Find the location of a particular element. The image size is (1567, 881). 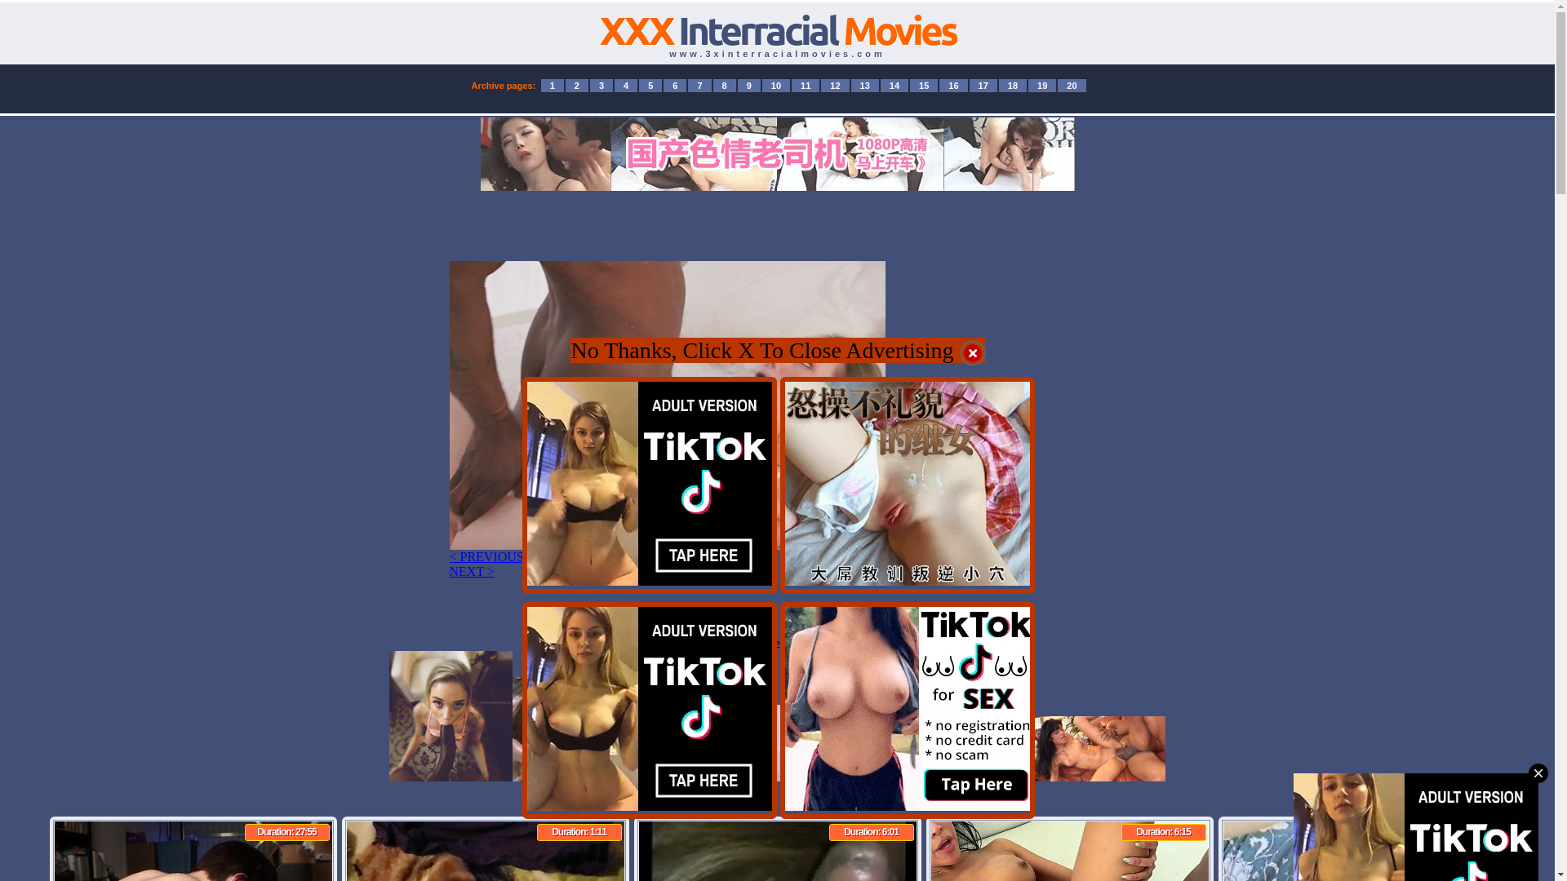

'No Thanks, Click X To Close Advertising' is located at coordinates (777, 352).